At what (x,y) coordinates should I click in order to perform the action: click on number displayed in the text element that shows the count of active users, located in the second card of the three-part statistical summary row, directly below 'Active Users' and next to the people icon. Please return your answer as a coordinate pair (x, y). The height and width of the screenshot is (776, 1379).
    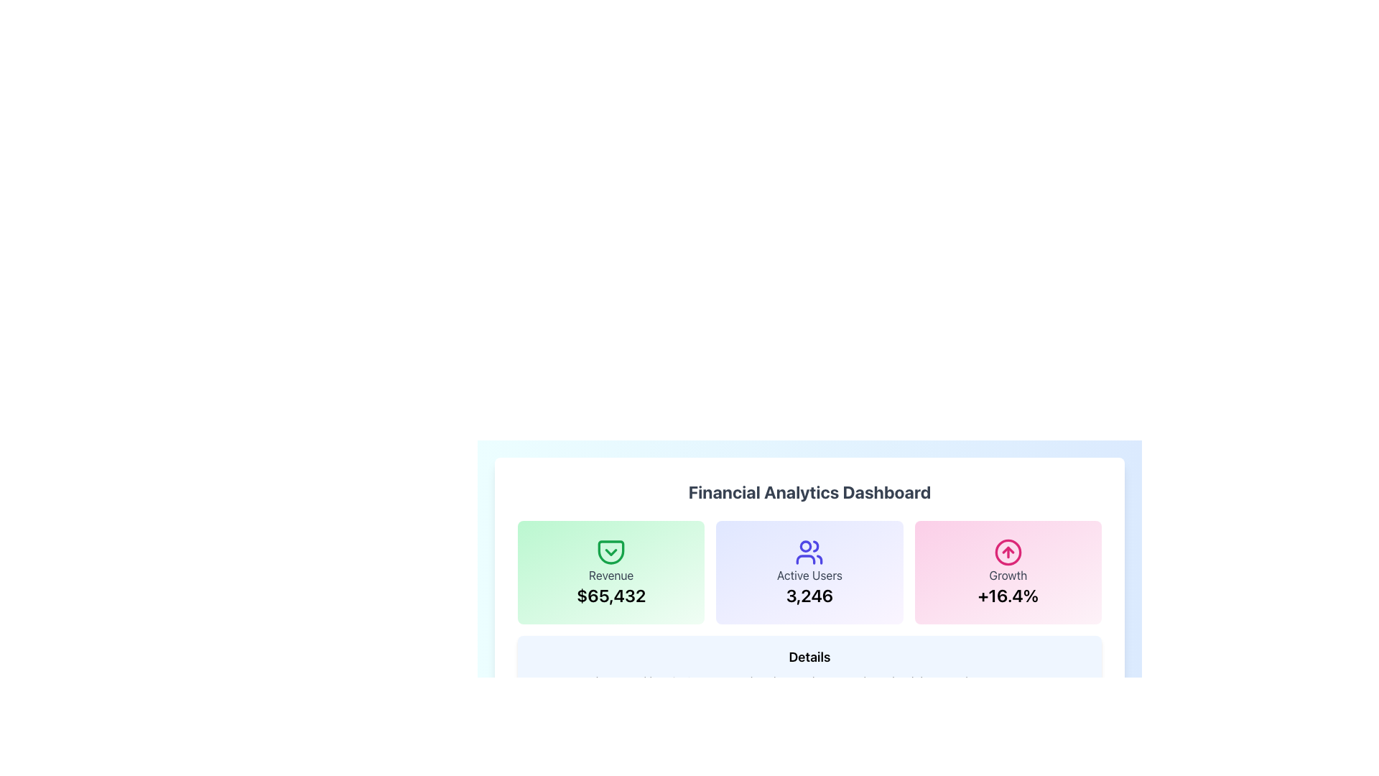
    Looking at the image, I should click on (809, 596).